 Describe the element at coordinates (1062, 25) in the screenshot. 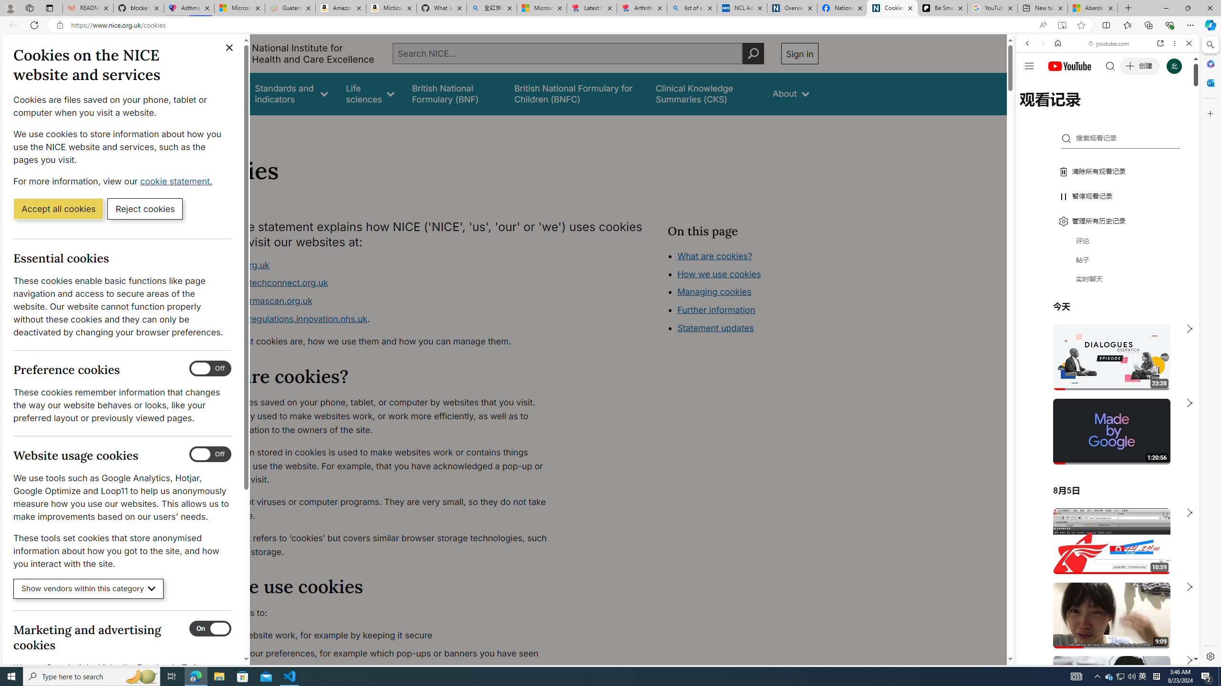

I see `'Enter Immersive Reader (F9)'` at that location.